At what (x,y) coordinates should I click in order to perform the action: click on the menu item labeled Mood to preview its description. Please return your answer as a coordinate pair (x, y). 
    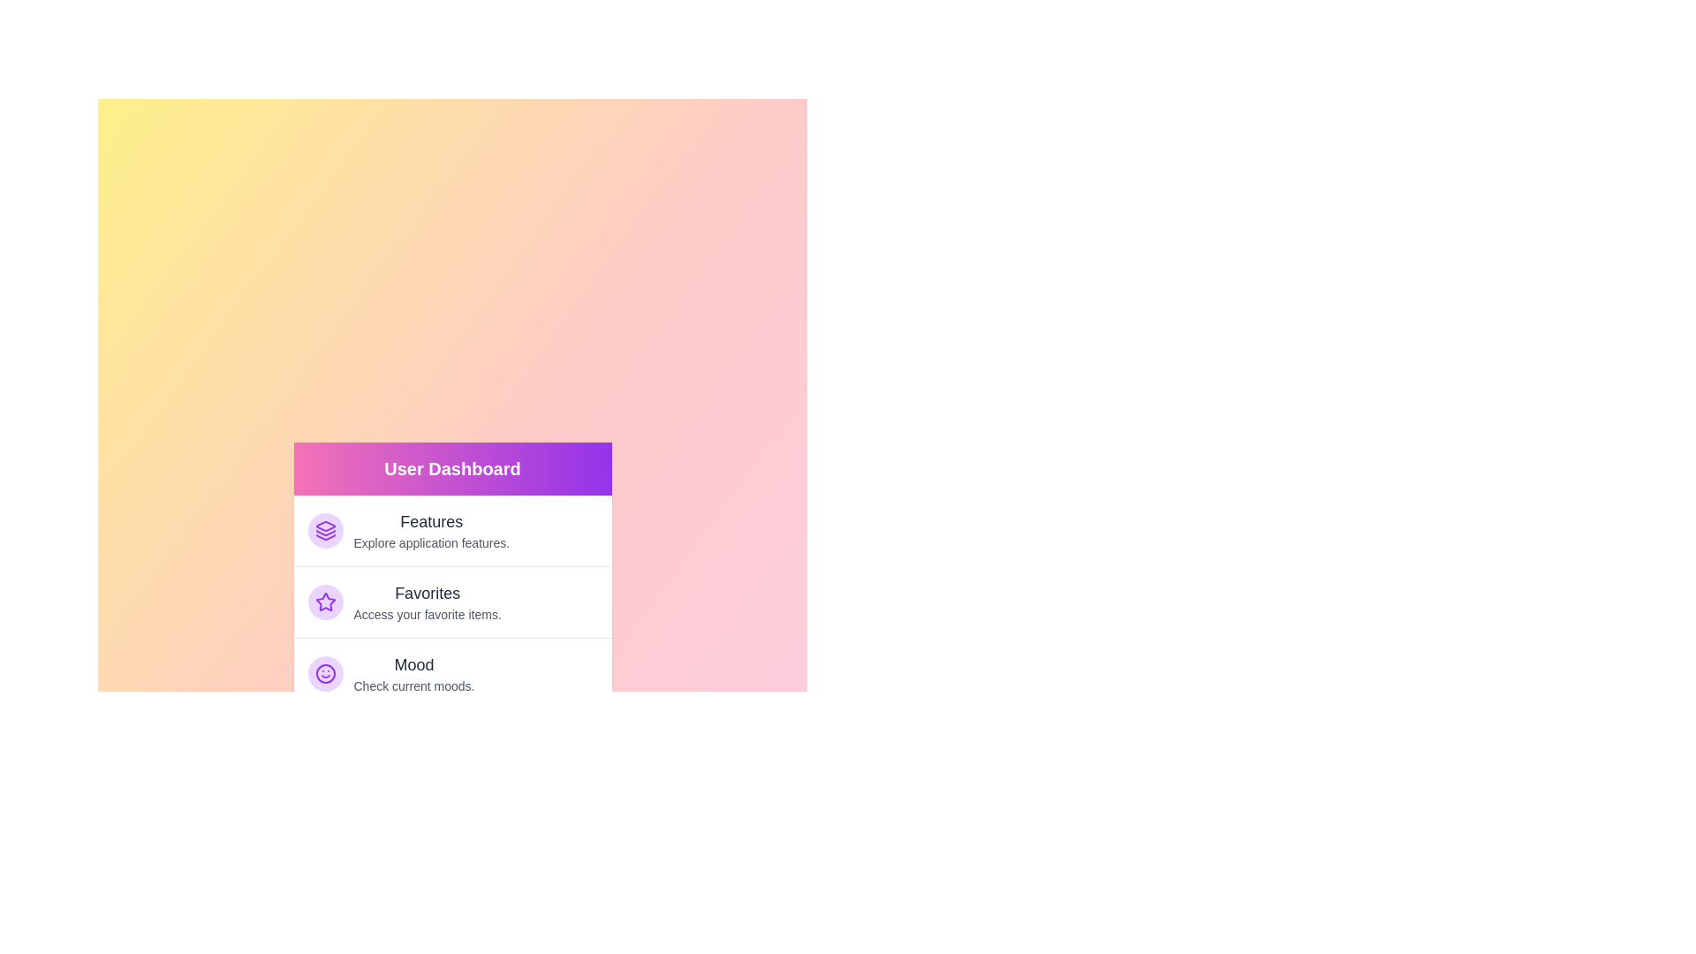
    Looking at the image, I should click on (452, 673).